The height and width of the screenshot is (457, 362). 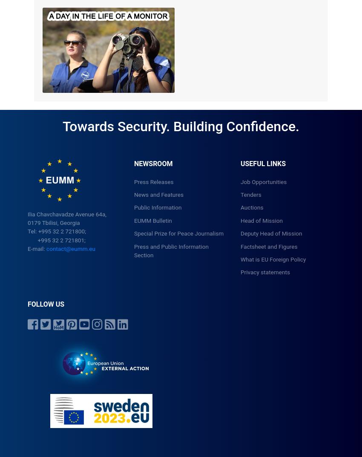 What do you see at coordinates (263, 181) in the screenshot?
I see `'Job Opportunities'` at bounding box center [263, 181].